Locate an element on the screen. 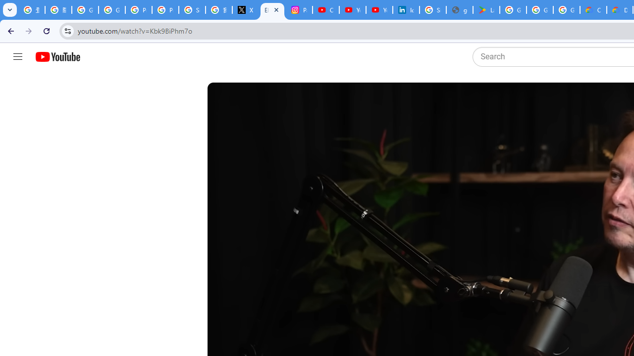 The width and height of the screenshot is (634, 356). 'Privacy Help Center - Policies Help' is located at coordinates (165, 10).